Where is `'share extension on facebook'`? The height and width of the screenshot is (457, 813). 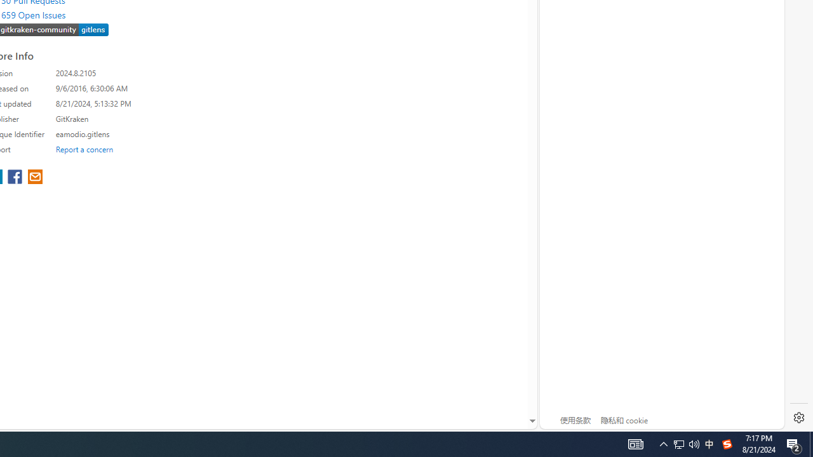
'share extension on facebook' is located at coordinates (17, 178).